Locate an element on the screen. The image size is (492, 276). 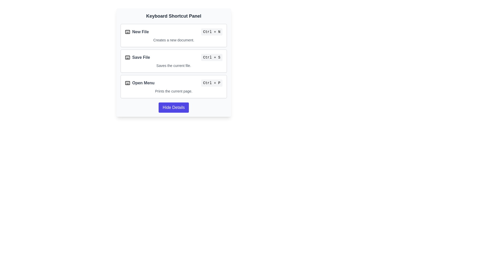
the keyboard shortcut label displaying 'Ctrl + N' located on the right side of the 'New File' row within the 'Keyboard Shortcut Panel' is located at coordinates (212, 32).